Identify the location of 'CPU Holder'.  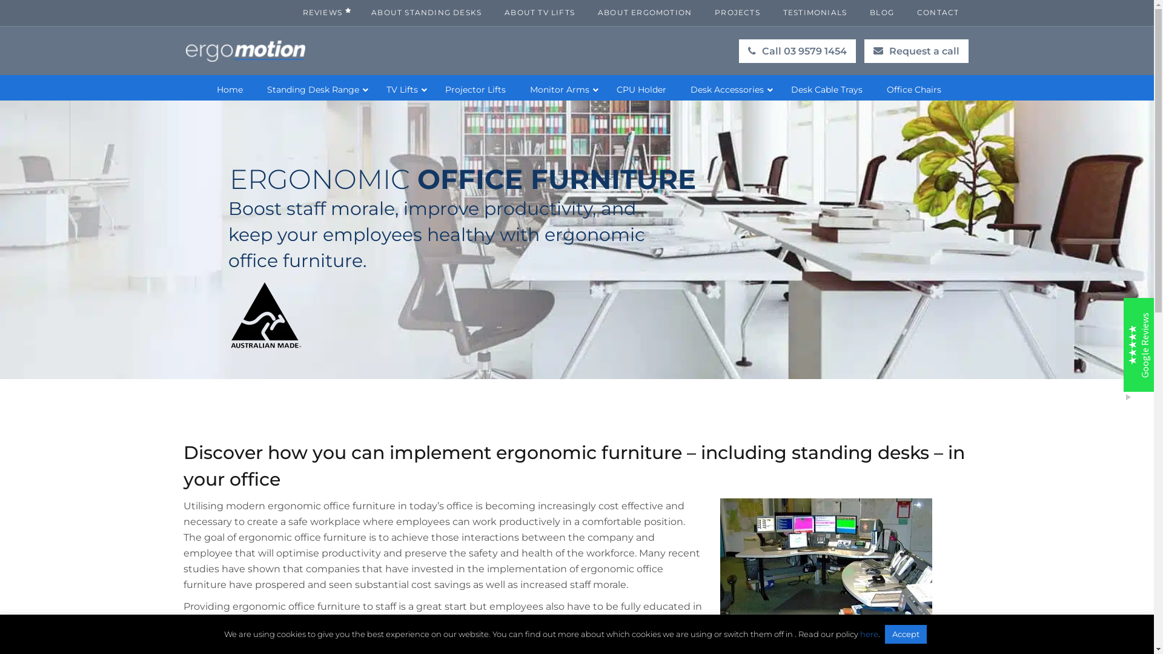
(641, 88).